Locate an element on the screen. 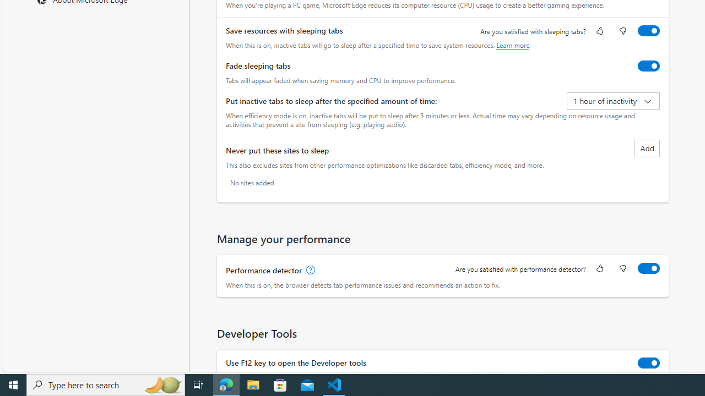 This screenshot has height=396, width=705. 'Performance detector, learn more' is located at coordinates (309, 271).